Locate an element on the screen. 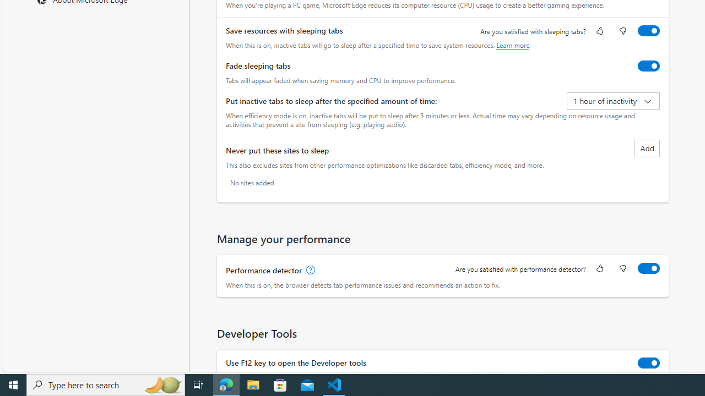 This screenshot has height=396, width=705. 'Performance detector, learn more' is located at coordinates (309, 271).